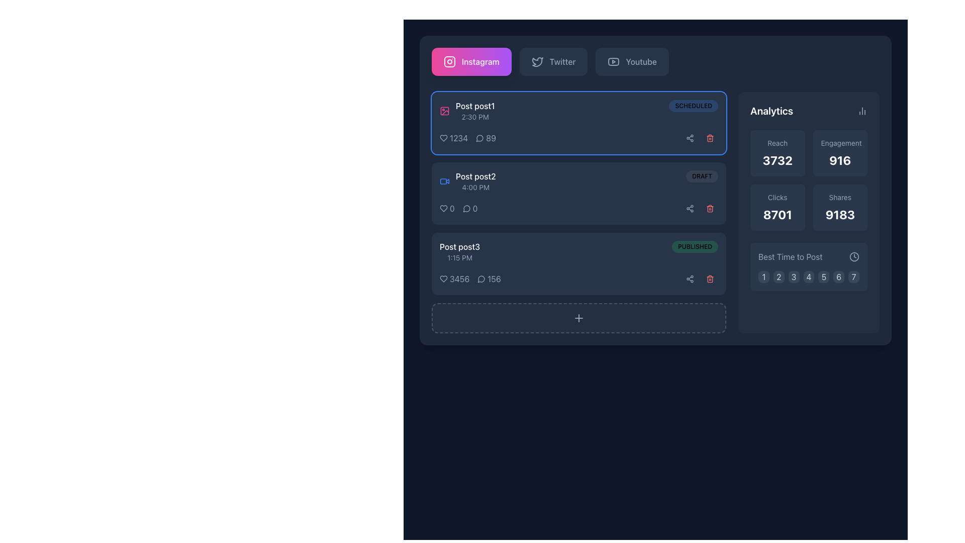 The width and height of the screenshot is (965, 543). I want to click on the leftmost icon located in the 'Post post3' panel, which is positioned to the left of the numerical label '3456', so click(443, 279).